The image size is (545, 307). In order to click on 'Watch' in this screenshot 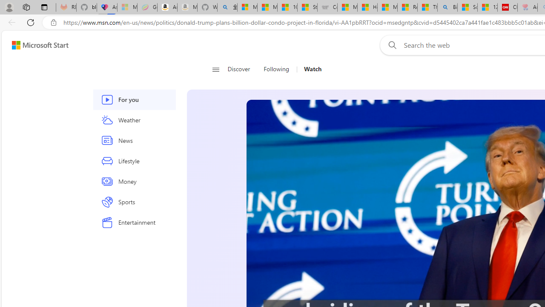, I will do `click(312, 69)`.